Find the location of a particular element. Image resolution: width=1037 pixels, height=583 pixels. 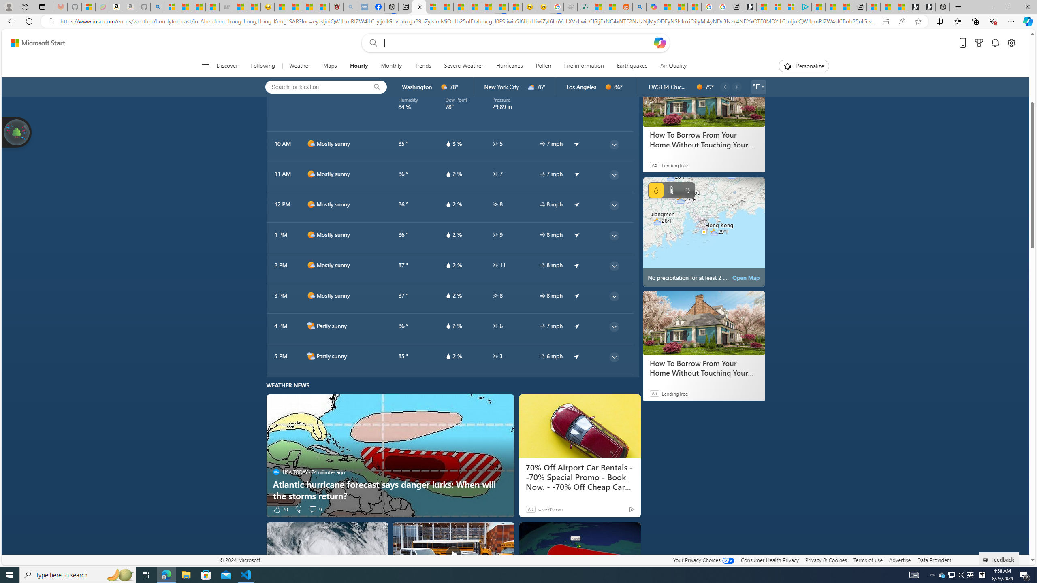

'Data Providers' is located at coordinates (933, 560).